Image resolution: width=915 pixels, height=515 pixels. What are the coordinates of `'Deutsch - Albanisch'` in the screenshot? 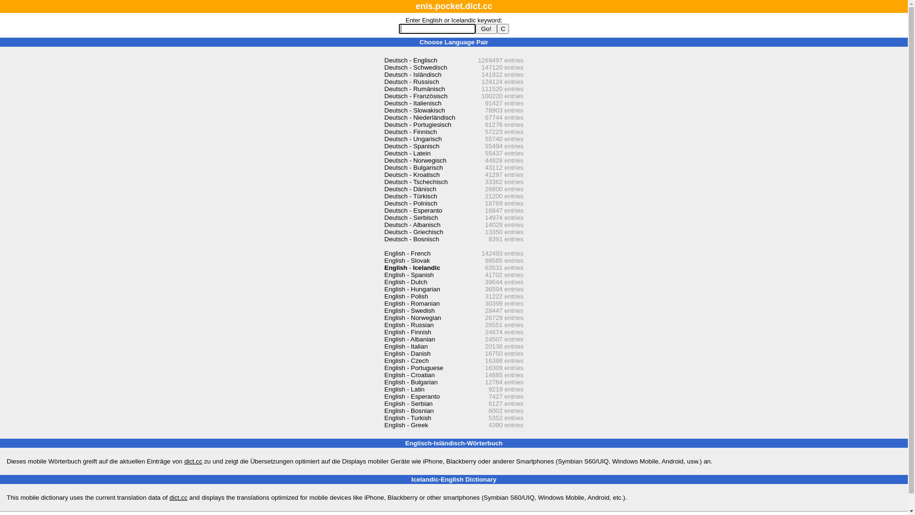 It's located at (384, 225).